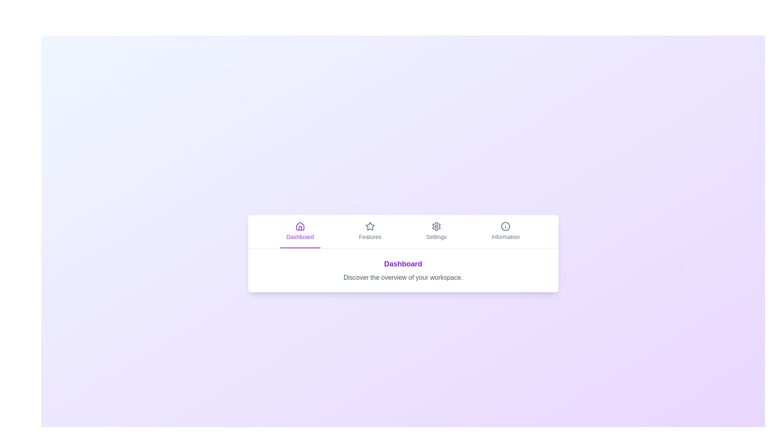  Describe the element at coordinates (505, 226) in the screenshot. I see `the icon associated with the Information tab` at that location.